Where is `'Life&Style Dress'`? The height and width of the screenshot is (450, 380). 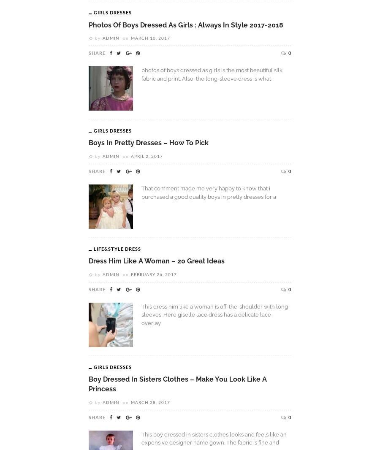
'Life&Style Dress' is located at coordinates (117, 248).